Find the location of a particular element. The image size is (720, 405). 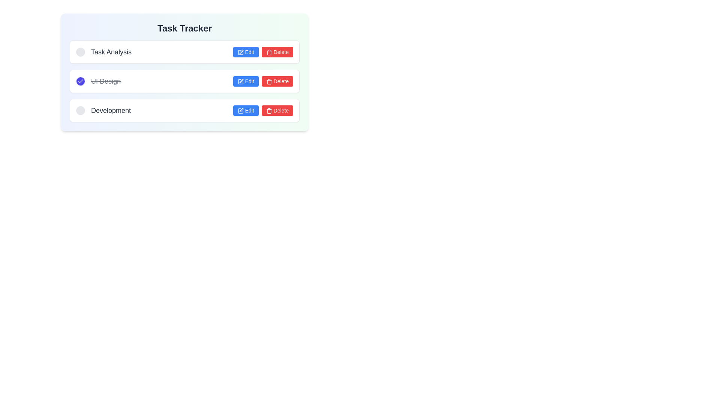

the text label indicating a completed task in the task list interface, styled with a line-through, located between 'Task Analysis' and 'Development' is located at coordinates (98, 81).